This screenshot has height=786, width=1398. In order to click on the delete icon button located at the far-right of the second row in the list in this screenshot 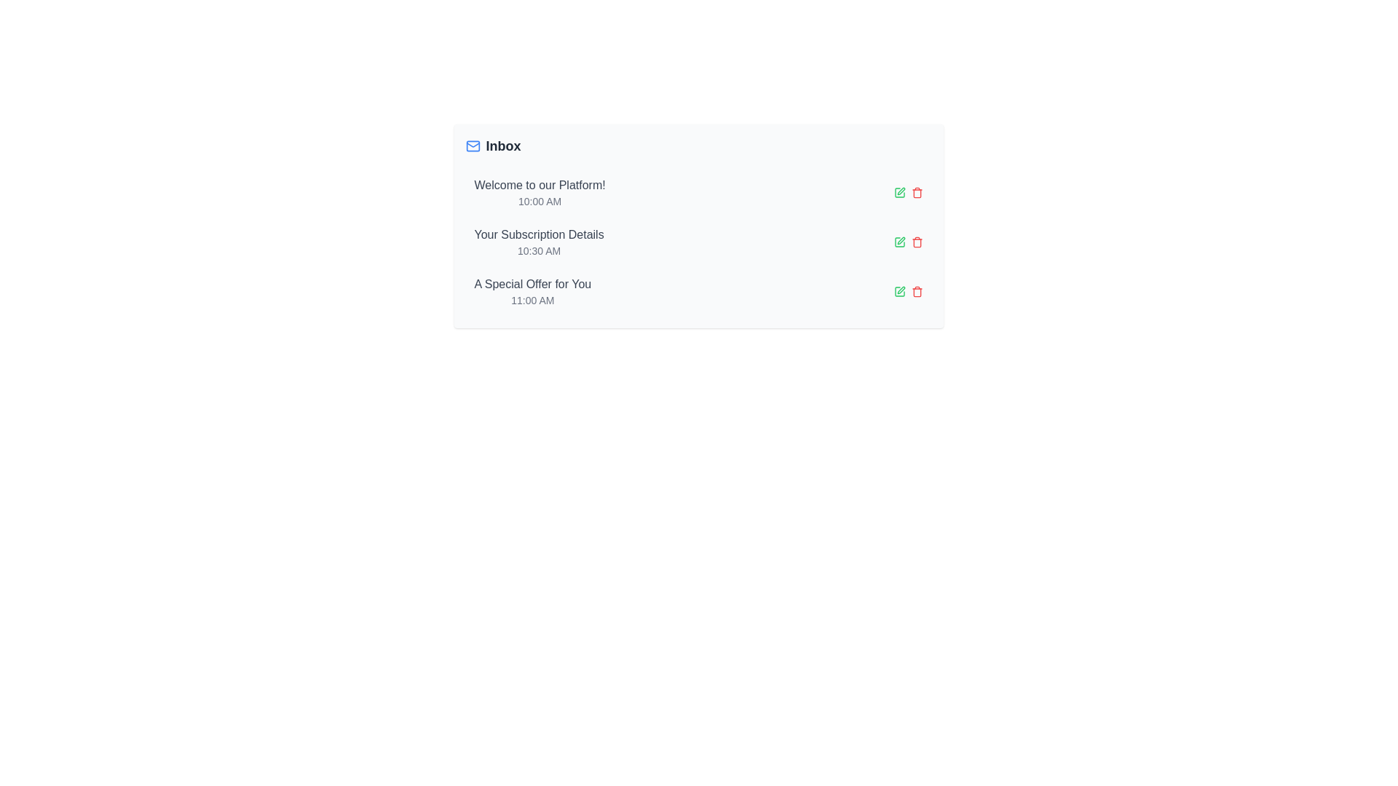, I will do `click(916, 192)`.